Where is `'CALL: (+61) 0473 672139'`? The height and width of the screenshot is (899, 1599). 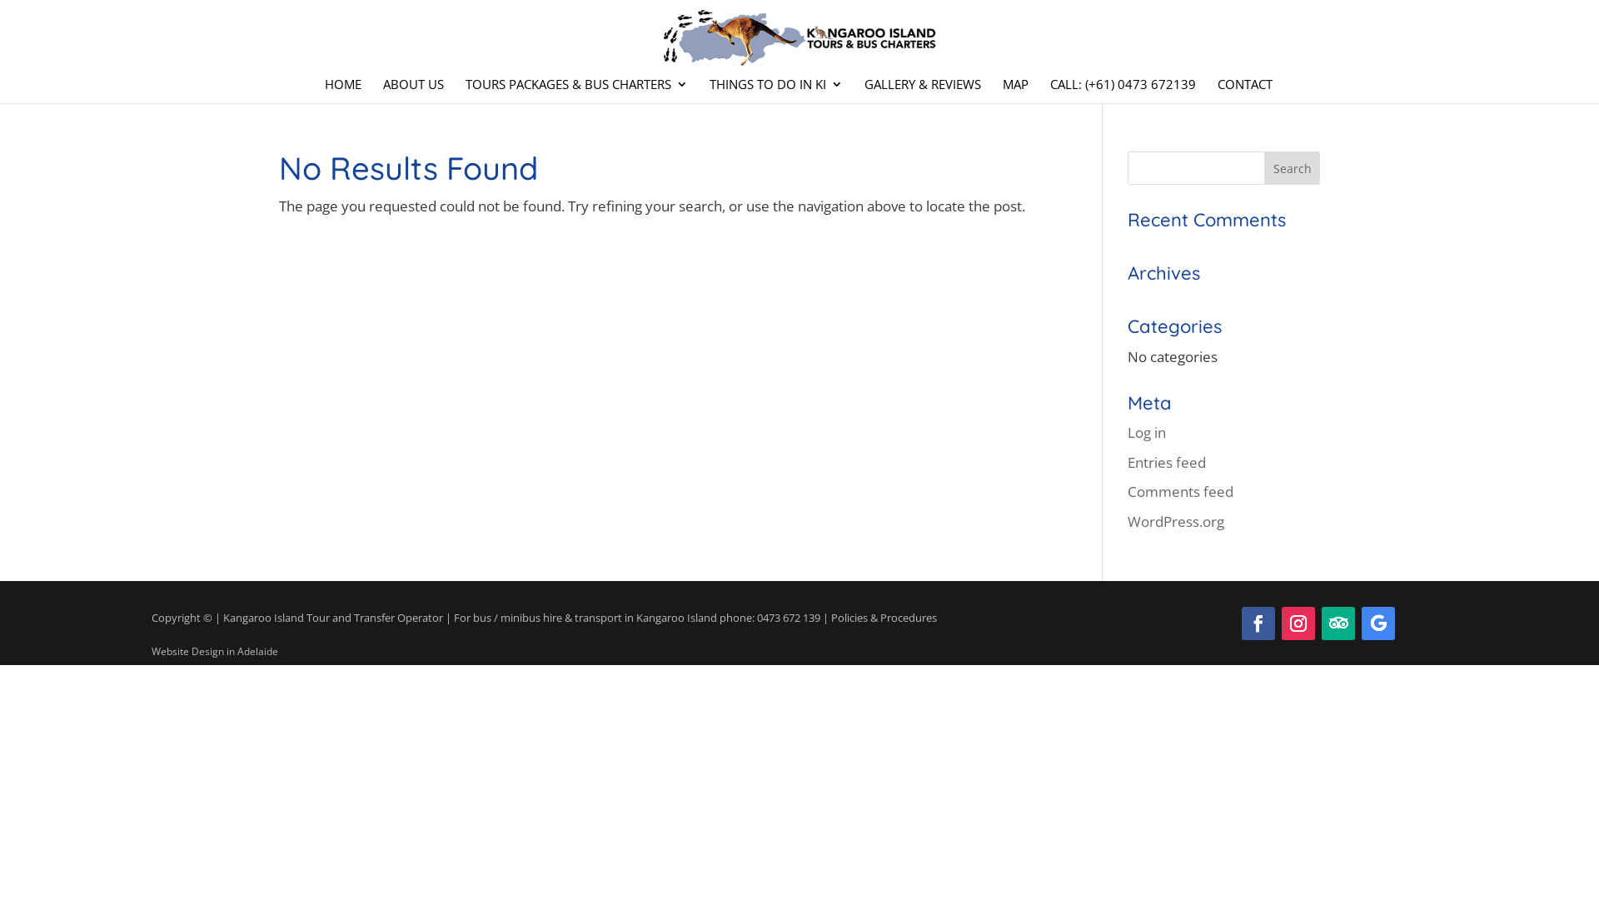 'CALL: (+61) 0473 672139' is located at coordinates (1123, 90).